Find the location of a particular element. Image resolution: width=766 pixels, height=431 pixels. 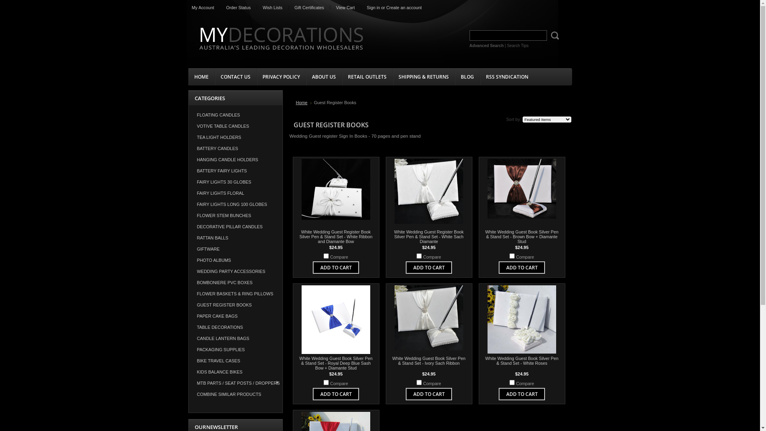

'744' is located at coordinates (512, 256).